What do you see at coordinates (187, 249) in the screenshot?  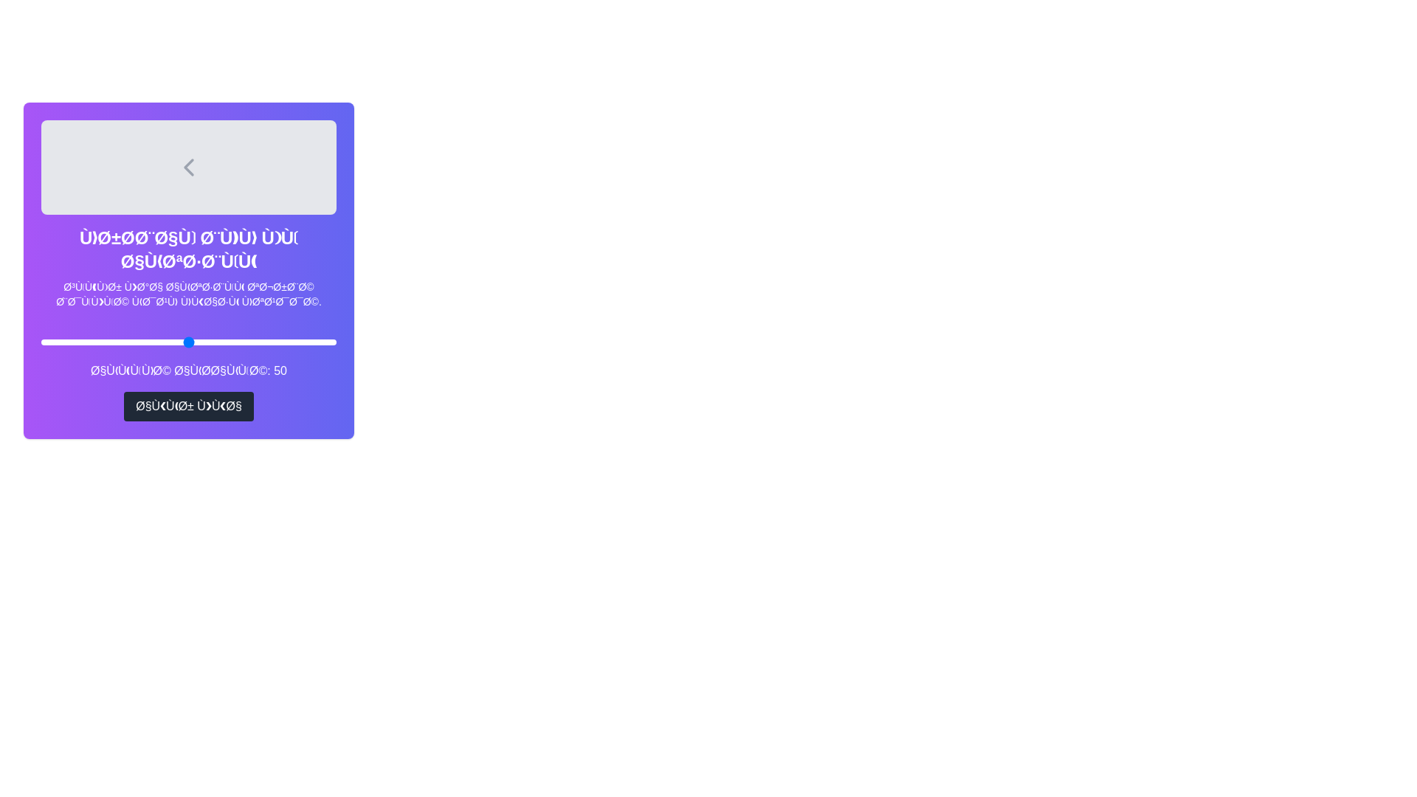 I see `the centered text label with bold white font on a gradient background, located below the navigation icon area` at bounding box center [187, 249].